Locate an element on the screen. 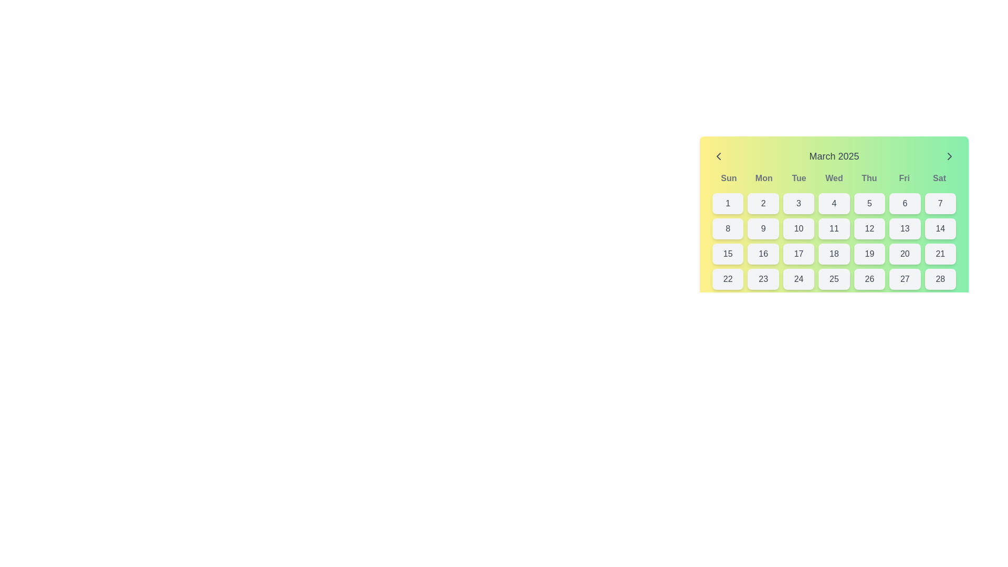 This screenshot has height=567, width=1008. the static text label displaying 'Wed', which is the fourth item in the calendar header row, indicating Wednesday is located at coordinates (833, 177).